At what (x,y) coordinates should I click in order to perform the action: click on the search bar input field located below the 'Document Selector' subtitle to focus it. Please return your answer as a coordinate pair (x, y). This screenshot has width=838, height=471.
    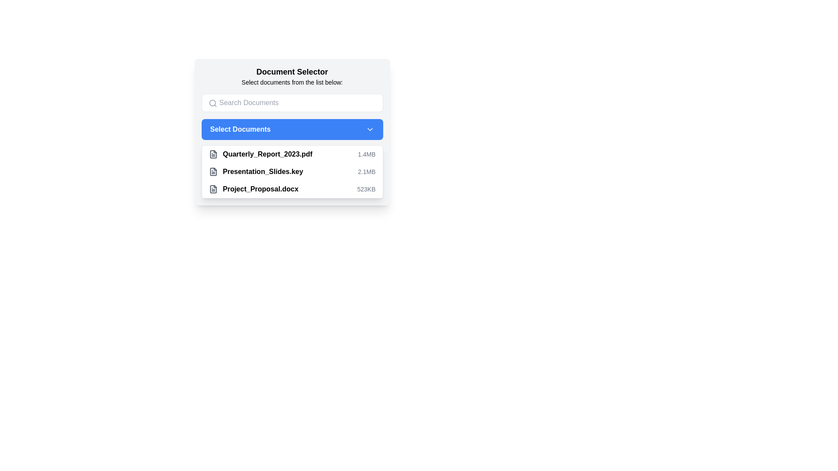
    Looking at the image, I should click on (292, 102).